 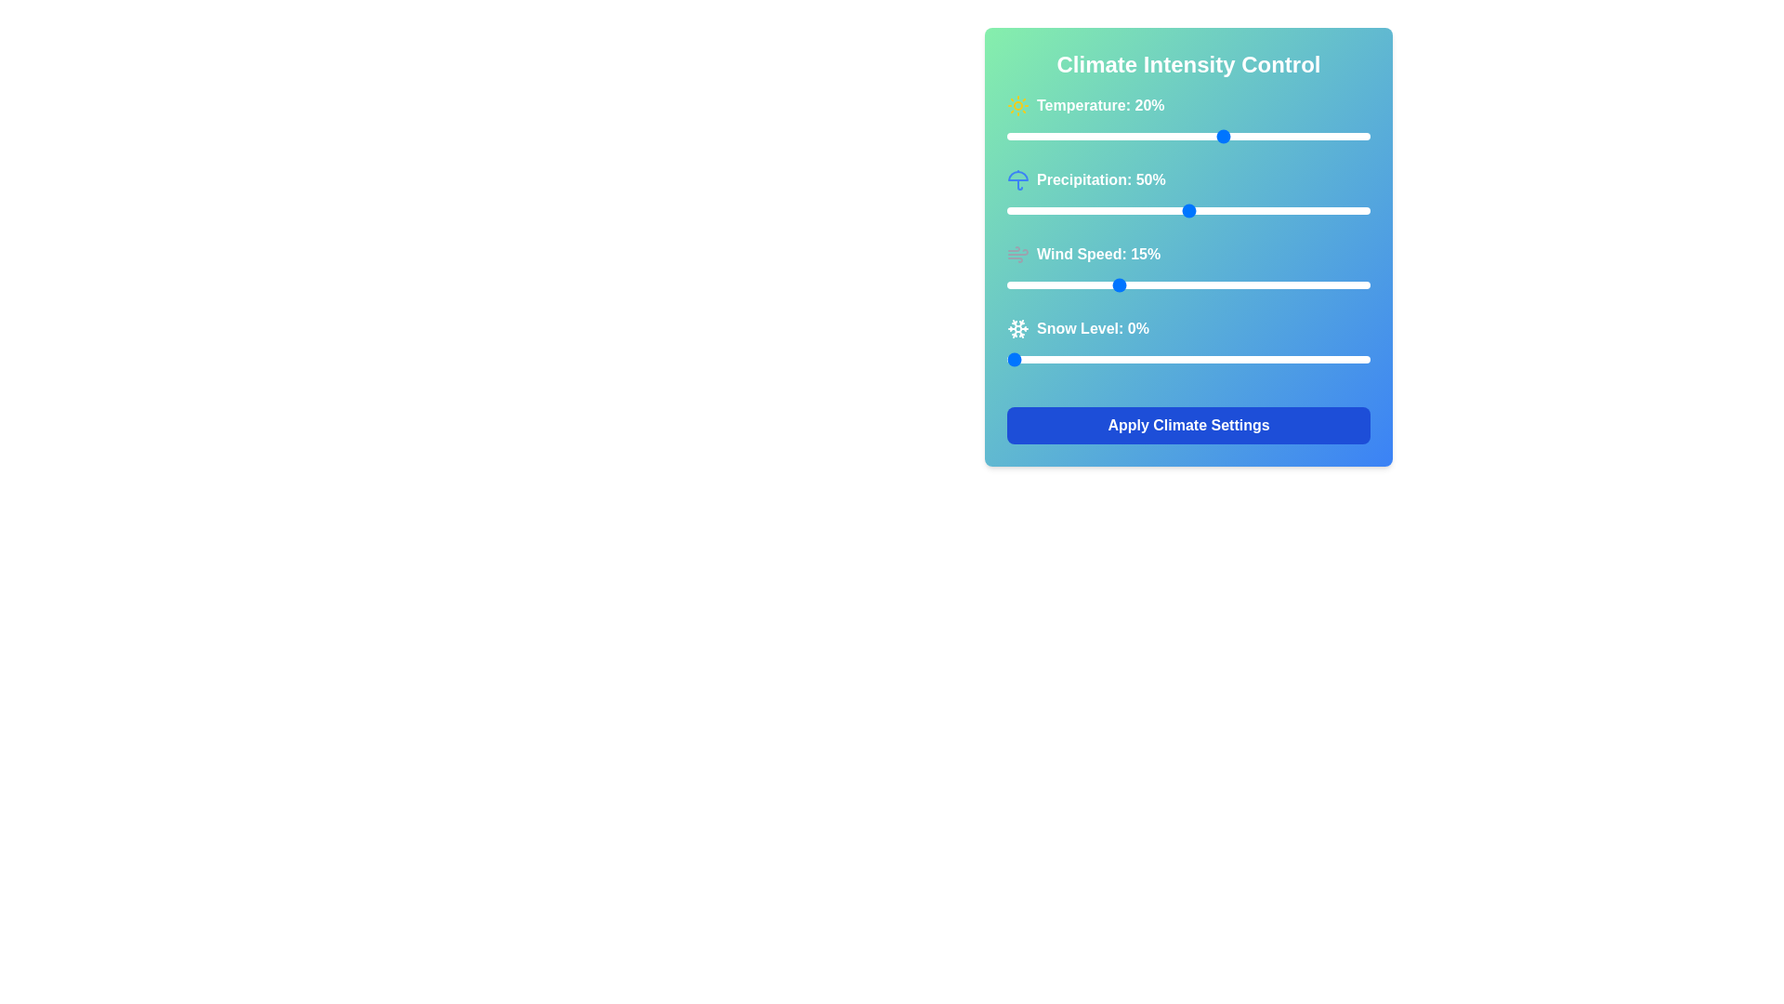 What do you see at coordinates (1296, 359) in the screenshot?
I see `the snow level` at bounding box center [1296, 359].